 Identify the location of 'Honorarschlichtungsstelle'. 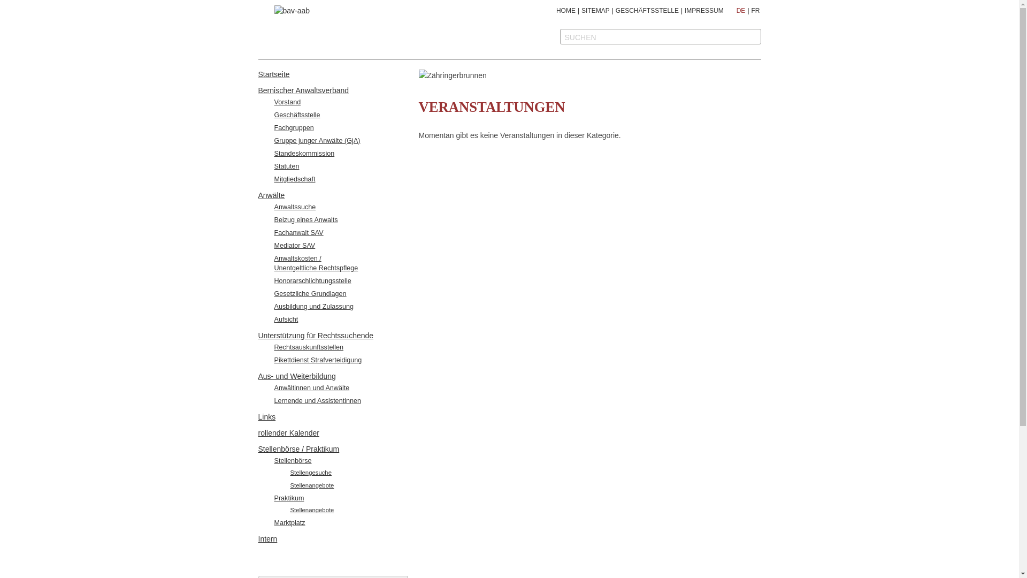
(312, 280).